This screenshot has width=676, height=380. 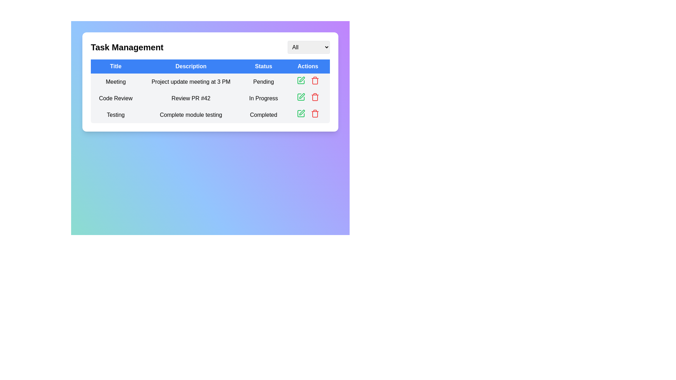 I want to click on the 'Completed' text label in the last row of the third column under the 'Status' heading, which is displayed in a bold, medium-sized style, so click(x=263, y=114).